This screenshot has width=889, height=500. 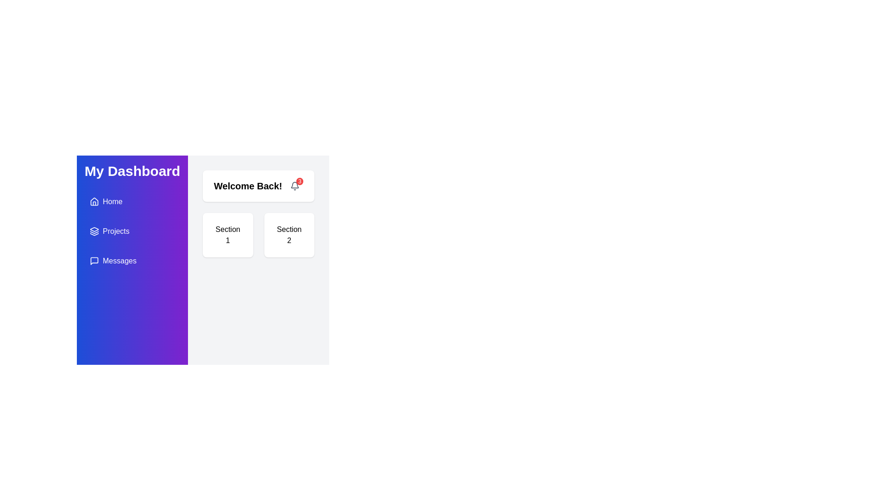 I want to click on the stack of layers icon in the sidebar menu, so click(x=94, y=231).